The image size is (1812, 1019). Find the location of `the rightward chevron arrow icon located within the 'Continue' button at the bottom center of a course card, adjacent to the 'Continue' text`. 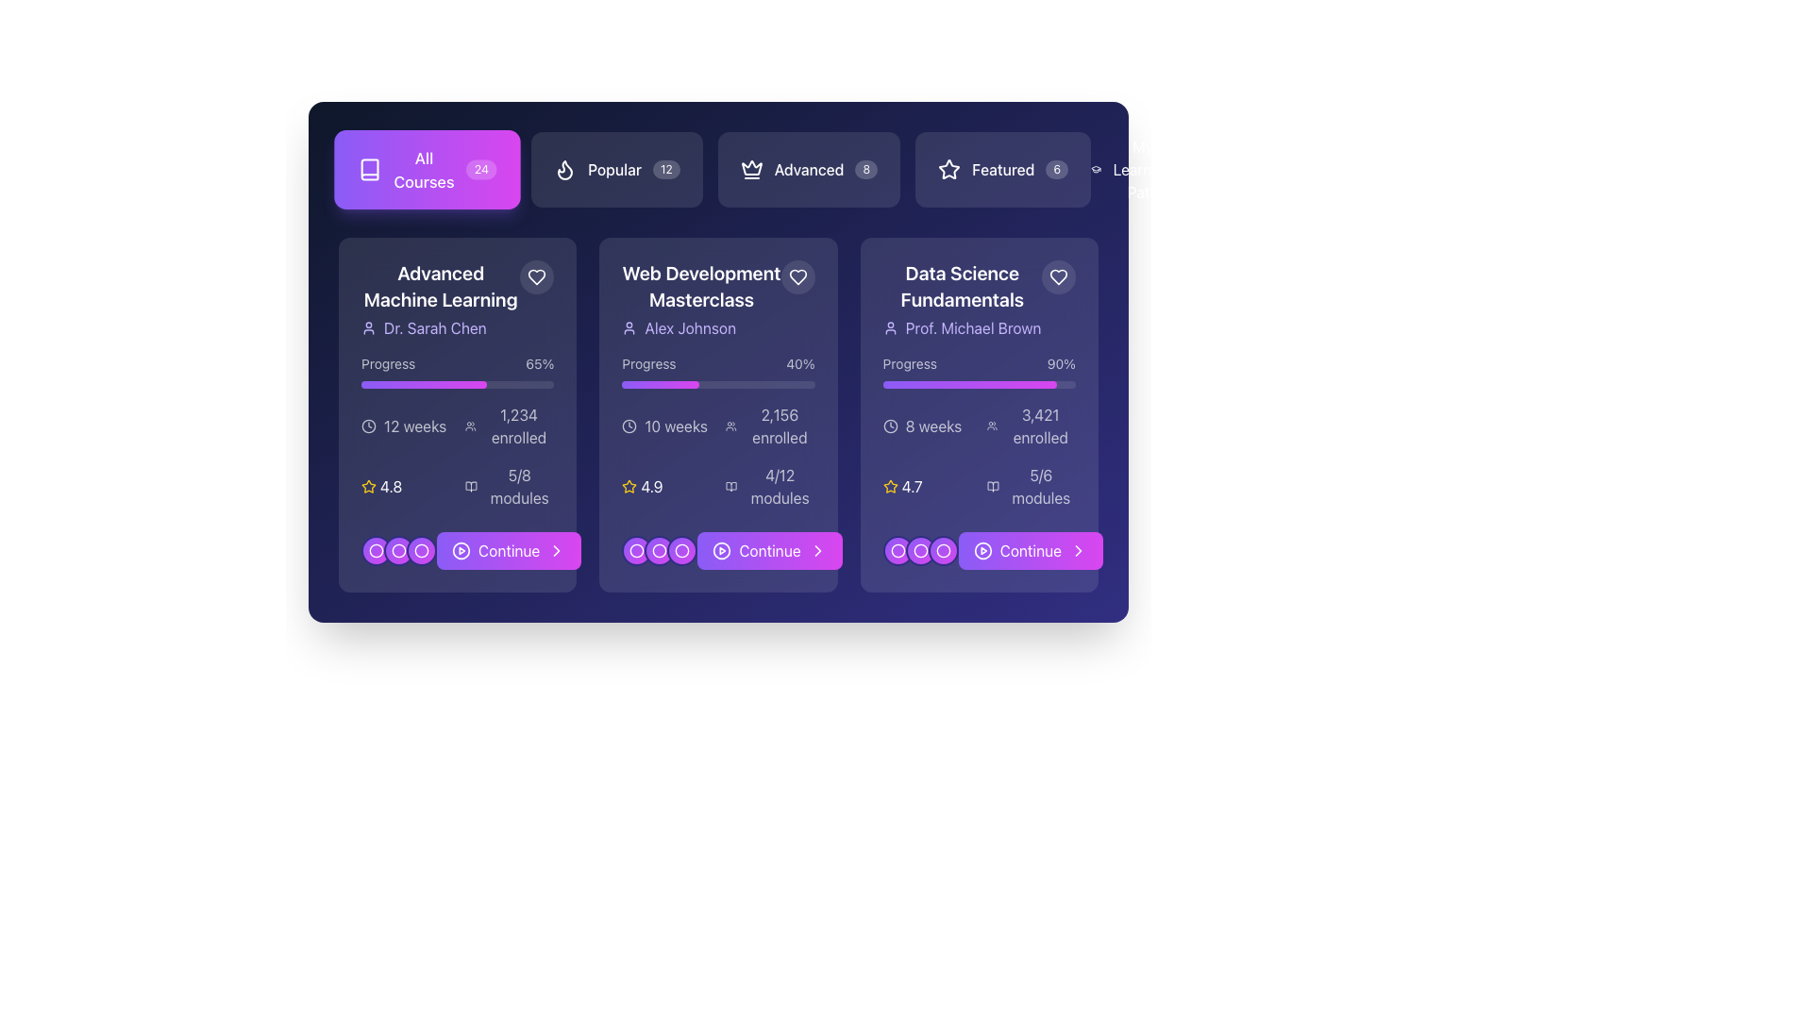

the rightward chevron arrow icon located within the 'Continue' button at the bottom center of a course card, adjacent to the 'Continue' text is located at coordinates (556, 550).